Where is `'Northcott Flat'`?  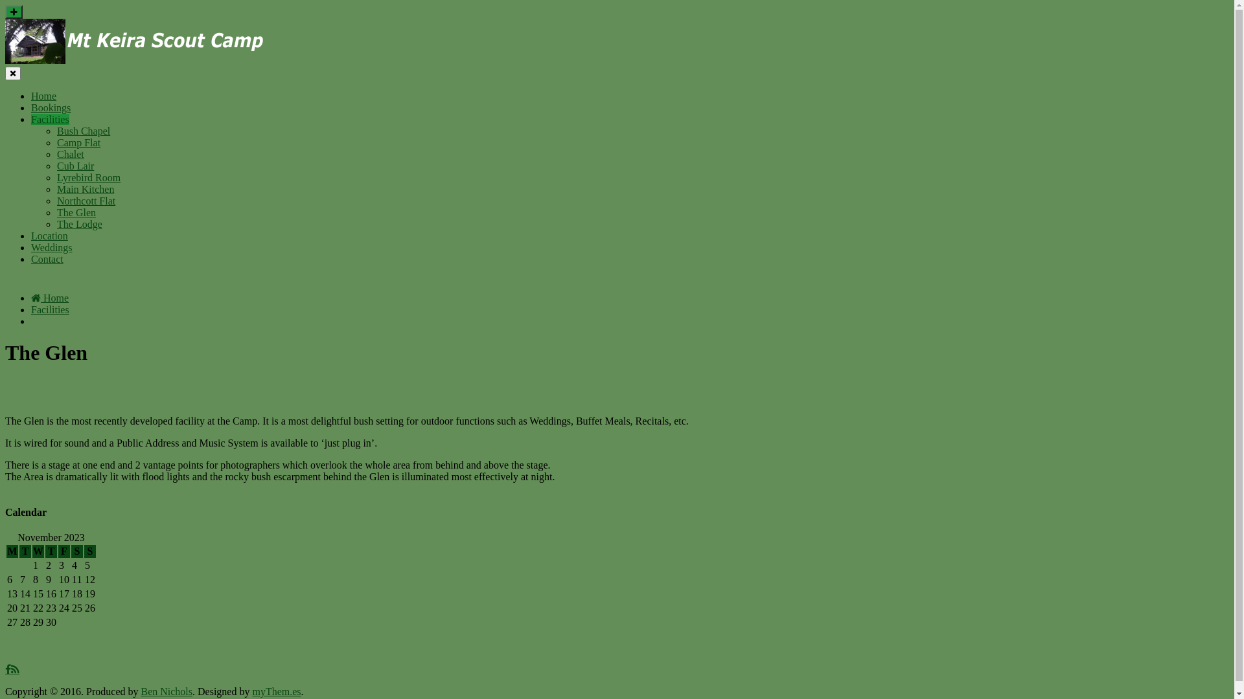 'Northcott Flat' is located at coordinates (86, 201).